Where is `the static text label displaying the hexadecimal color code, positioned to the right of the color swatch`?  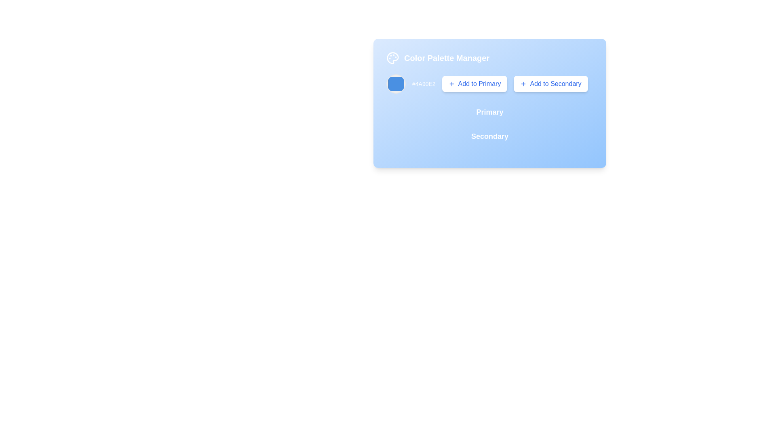 the static text label displaying the hexadecimal color code, positioned to the right of the color swatch is located at coordinates (423, 84).